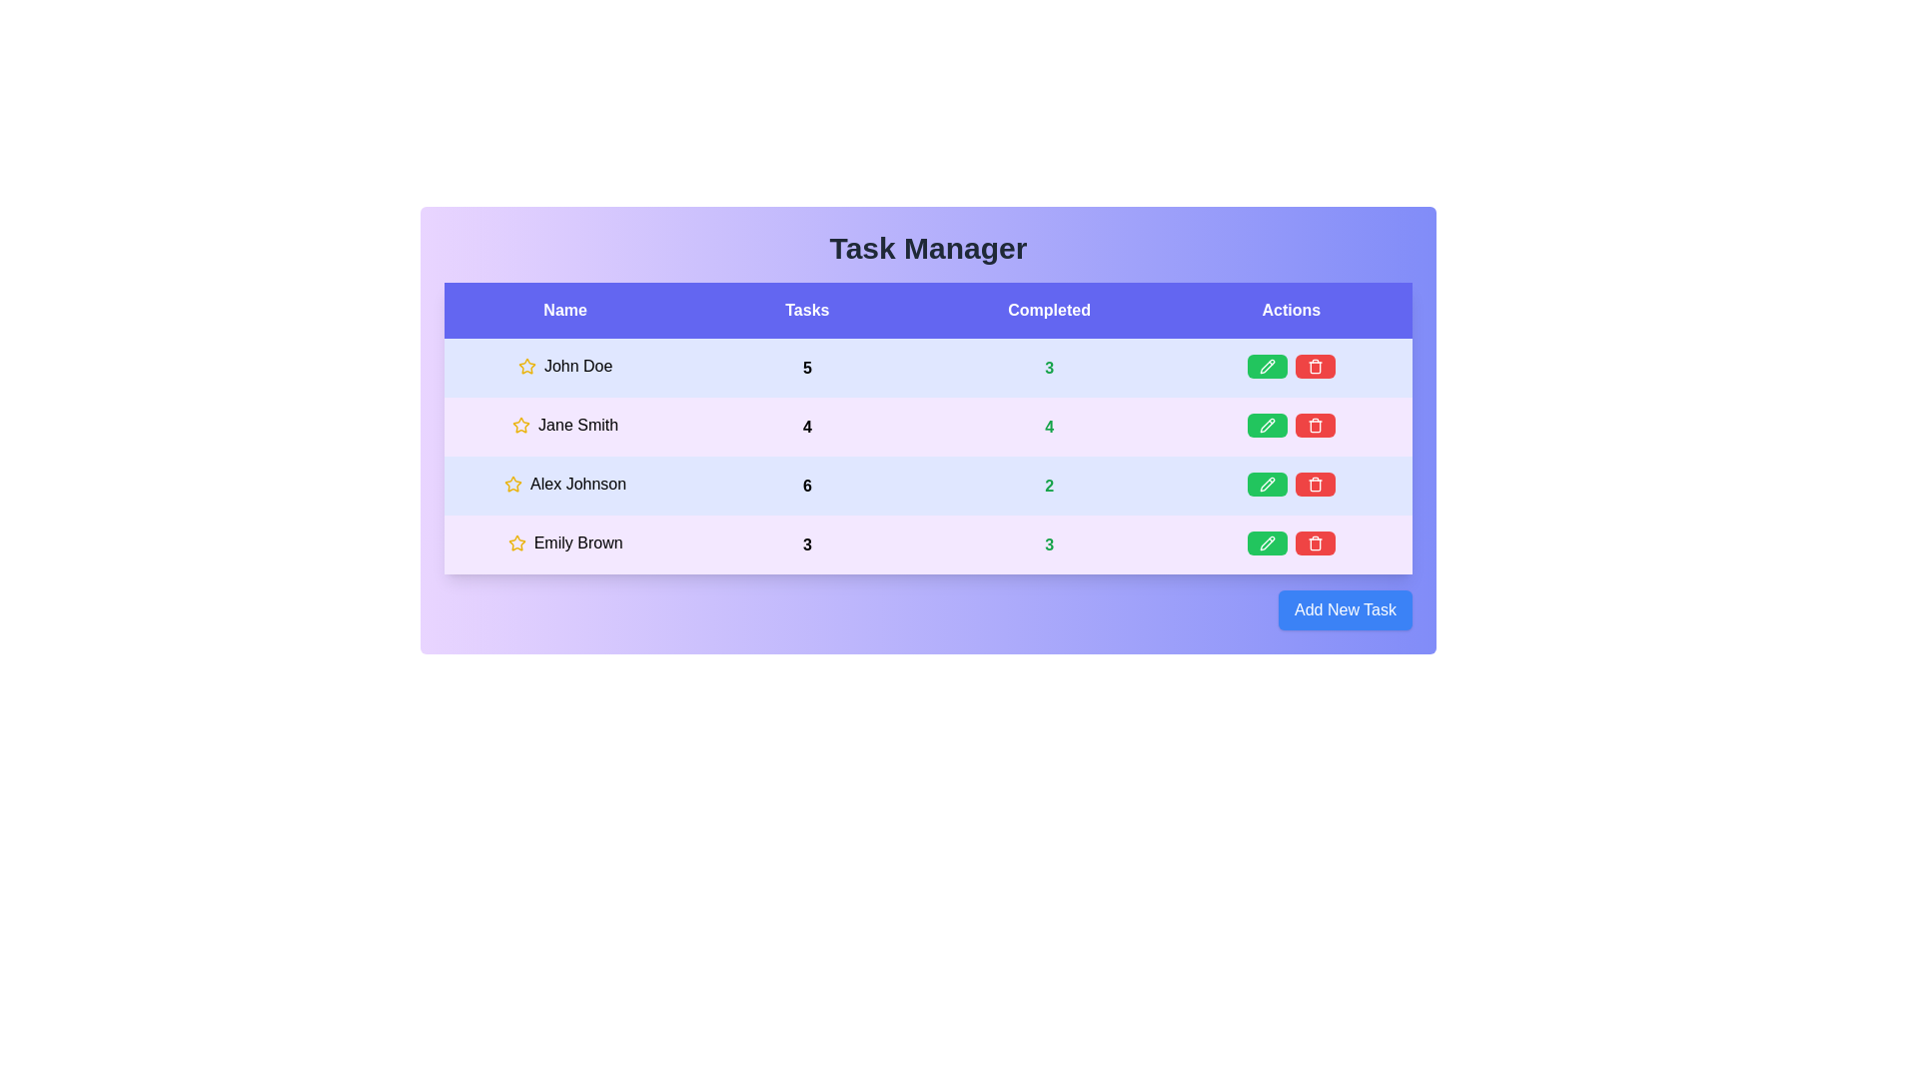  I want to click on green pencil icon to edit the task for John Doe, so click(1266, 366).